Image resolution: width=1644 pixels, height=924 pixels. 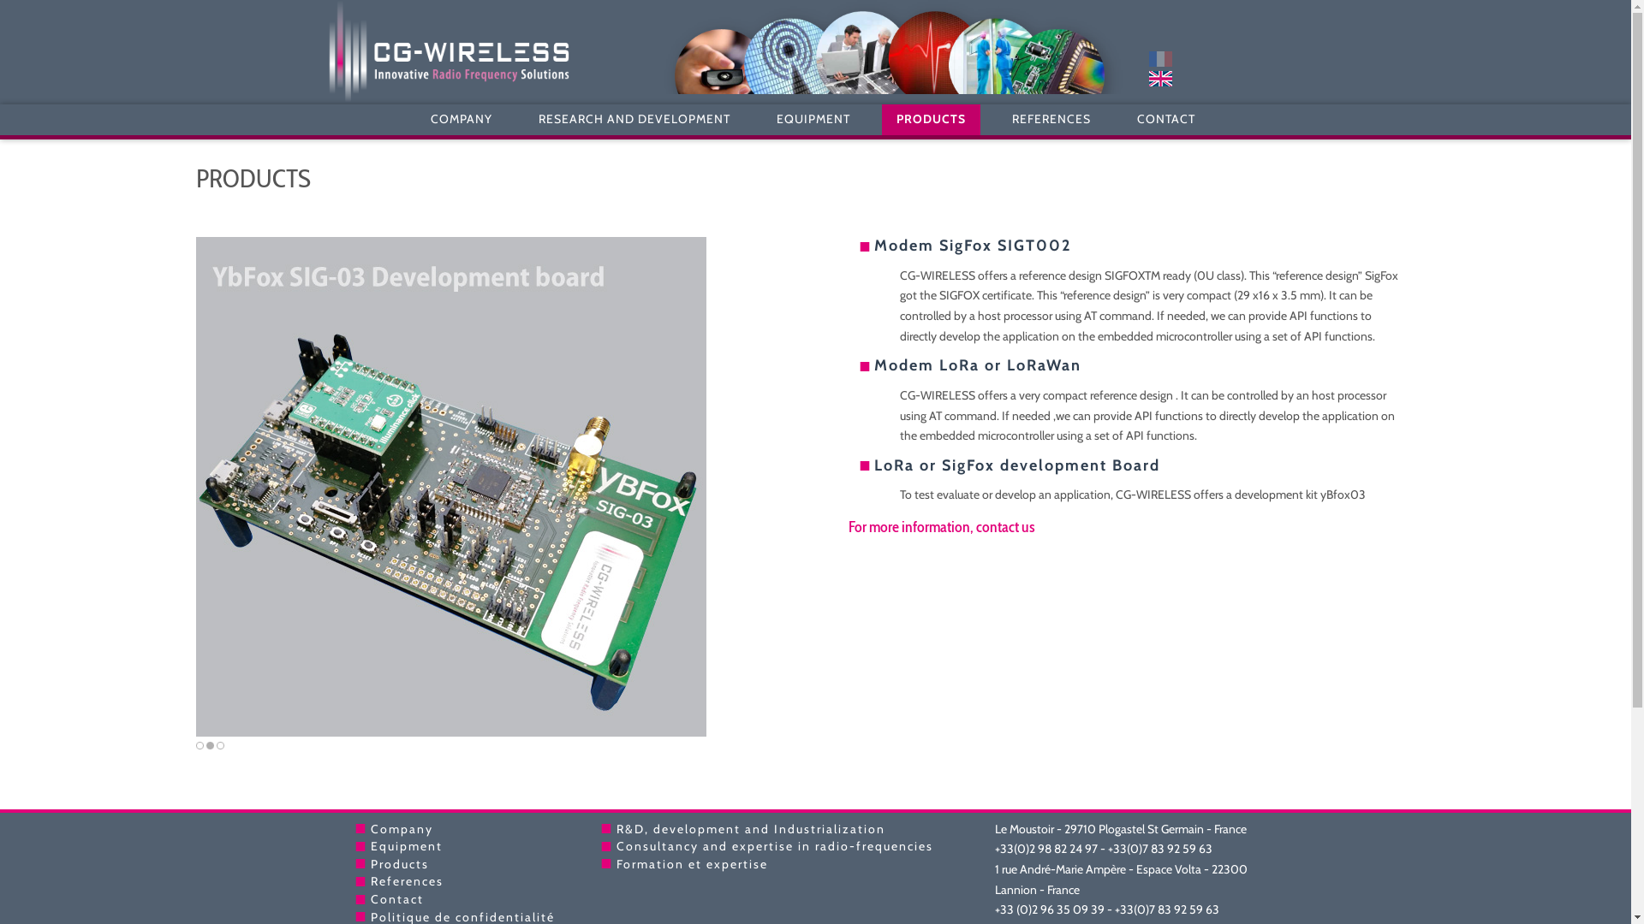 I want to click on 'RESEARCH AND DEVELOPMENT', so click(x=633, y=118).